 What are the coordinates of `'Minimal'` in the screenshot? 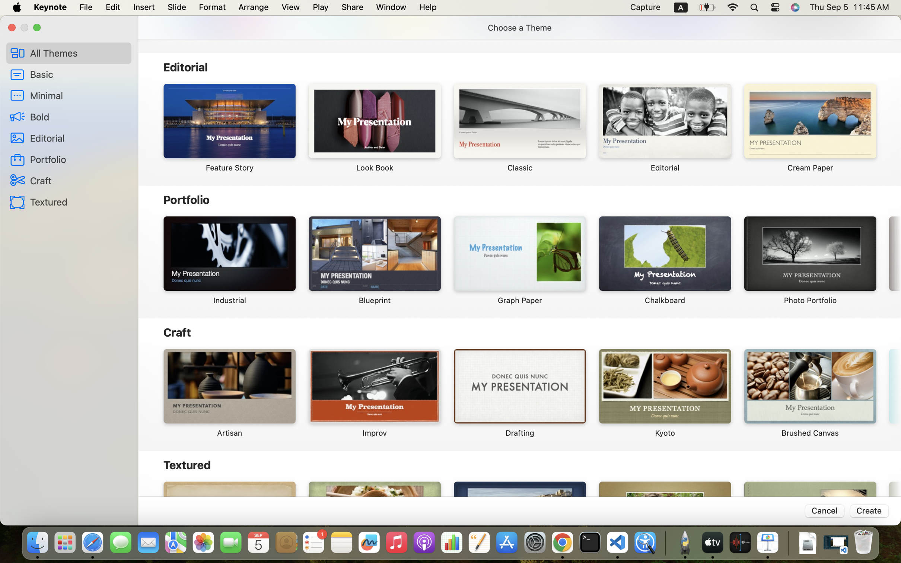 It's located at (77, 95).